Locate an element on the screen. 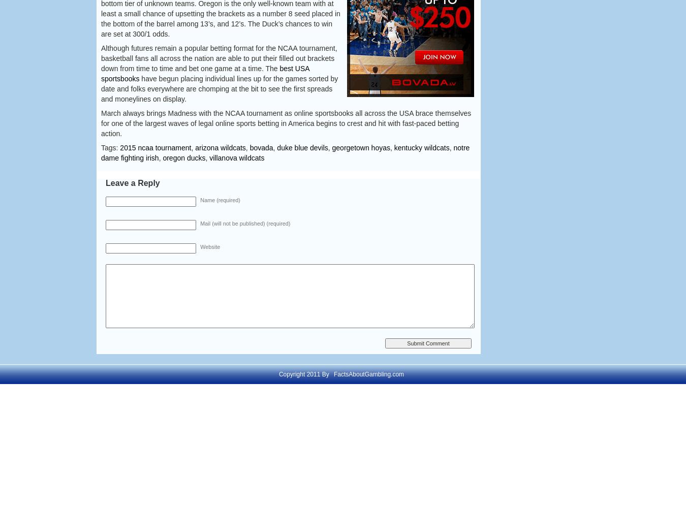 The height and width of the screenshot is (508, 686). 'arizona wildcats' is located at coordinates (220, 148).